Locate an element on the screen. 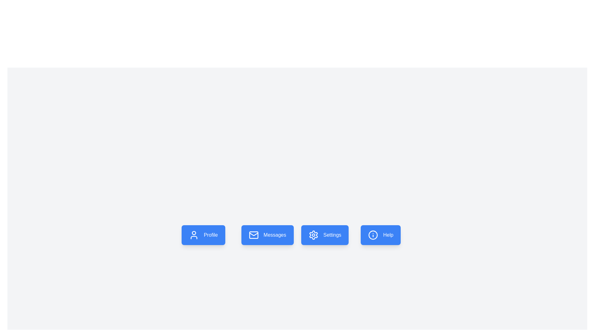  the 'Messages' icon, which represents messages or mail functionality, located in the second button from the left in a horizontal row of buttons near the bottom of the interface is located at coordinates (253, 234).